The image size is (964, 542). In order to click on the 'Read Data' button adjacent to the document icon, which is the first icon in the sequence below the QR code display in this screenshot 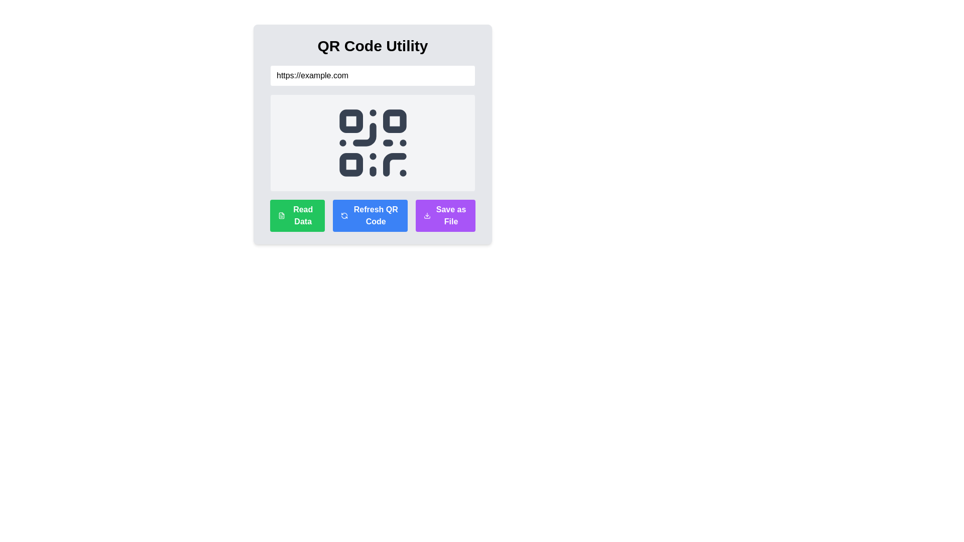, I will do `click(281, 215)`.